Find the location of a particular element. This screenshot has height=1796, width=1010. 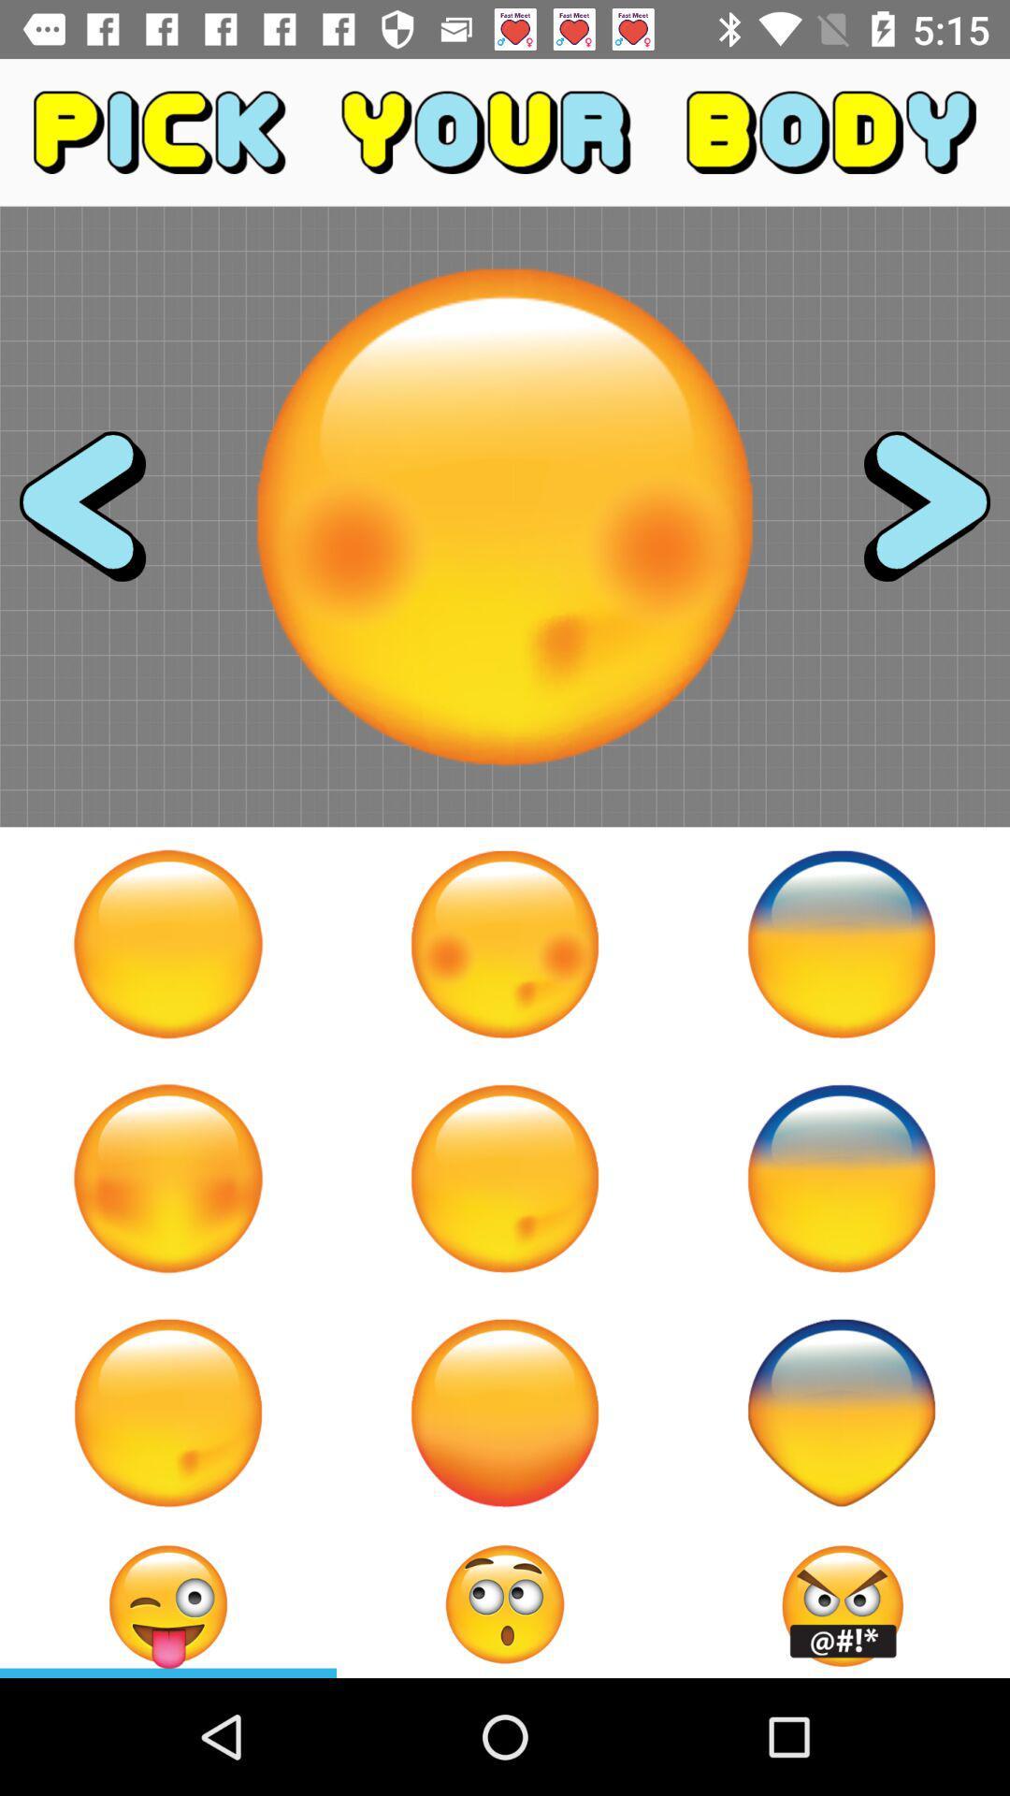

the image is located at coordinates (168, 944).